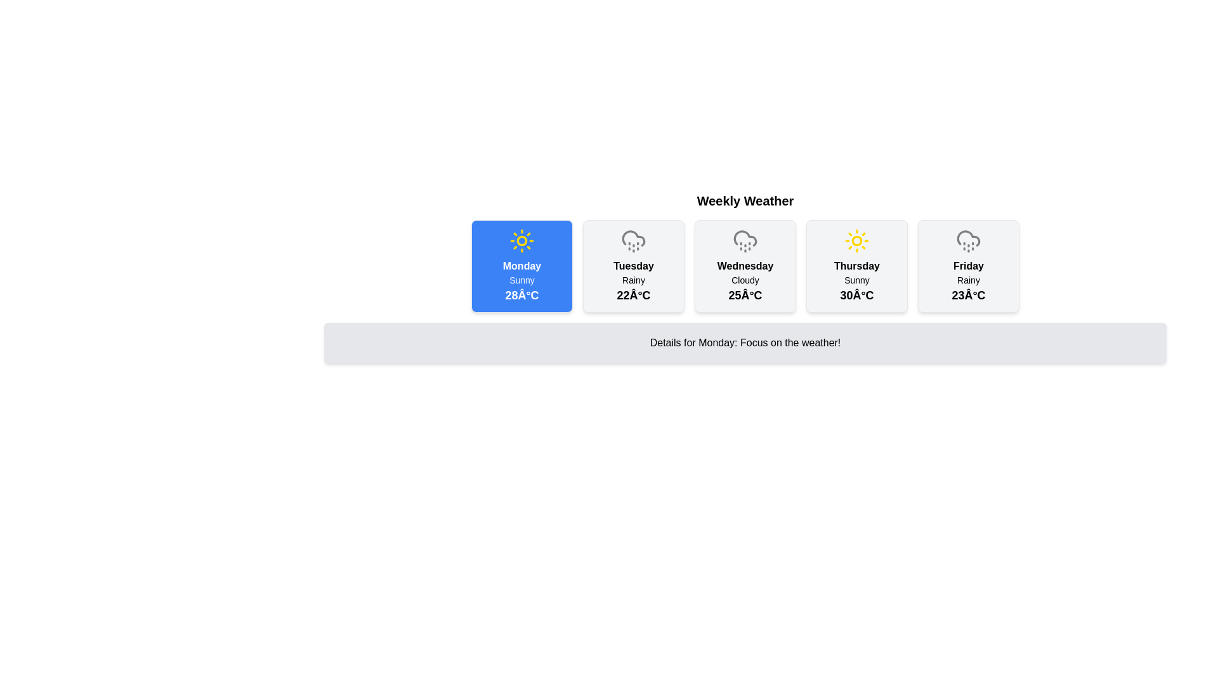 This screenshot has height=685, width=1218. I want to click on text label displaying the weather condition for Monday, located at the bottom-middle of the 'Monday' card in the 'Weekly Weather' section, so click(521, 280).